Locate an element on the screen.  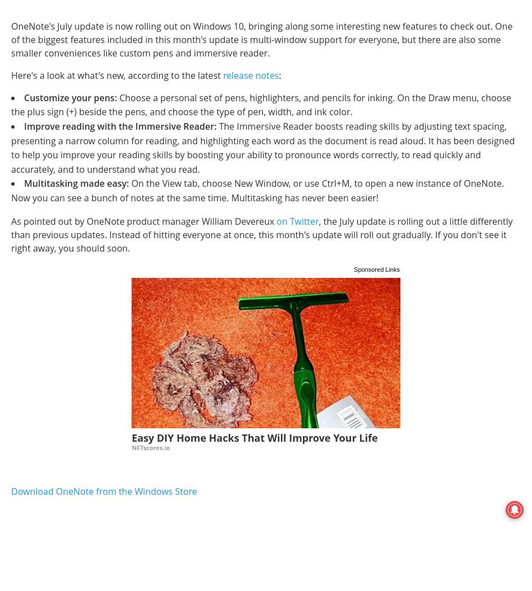
'The Immersive Reader boosts reading skills by adjusting text spacing, presenting a narrow column for reading, and highlighting each word as the document is read aloud. It has been designed to help you improve your reading skills by boosting your ability to pronounce words correctly, to read quickly and accurately, and to understand what you read.' is located at coordinates (262, 147).